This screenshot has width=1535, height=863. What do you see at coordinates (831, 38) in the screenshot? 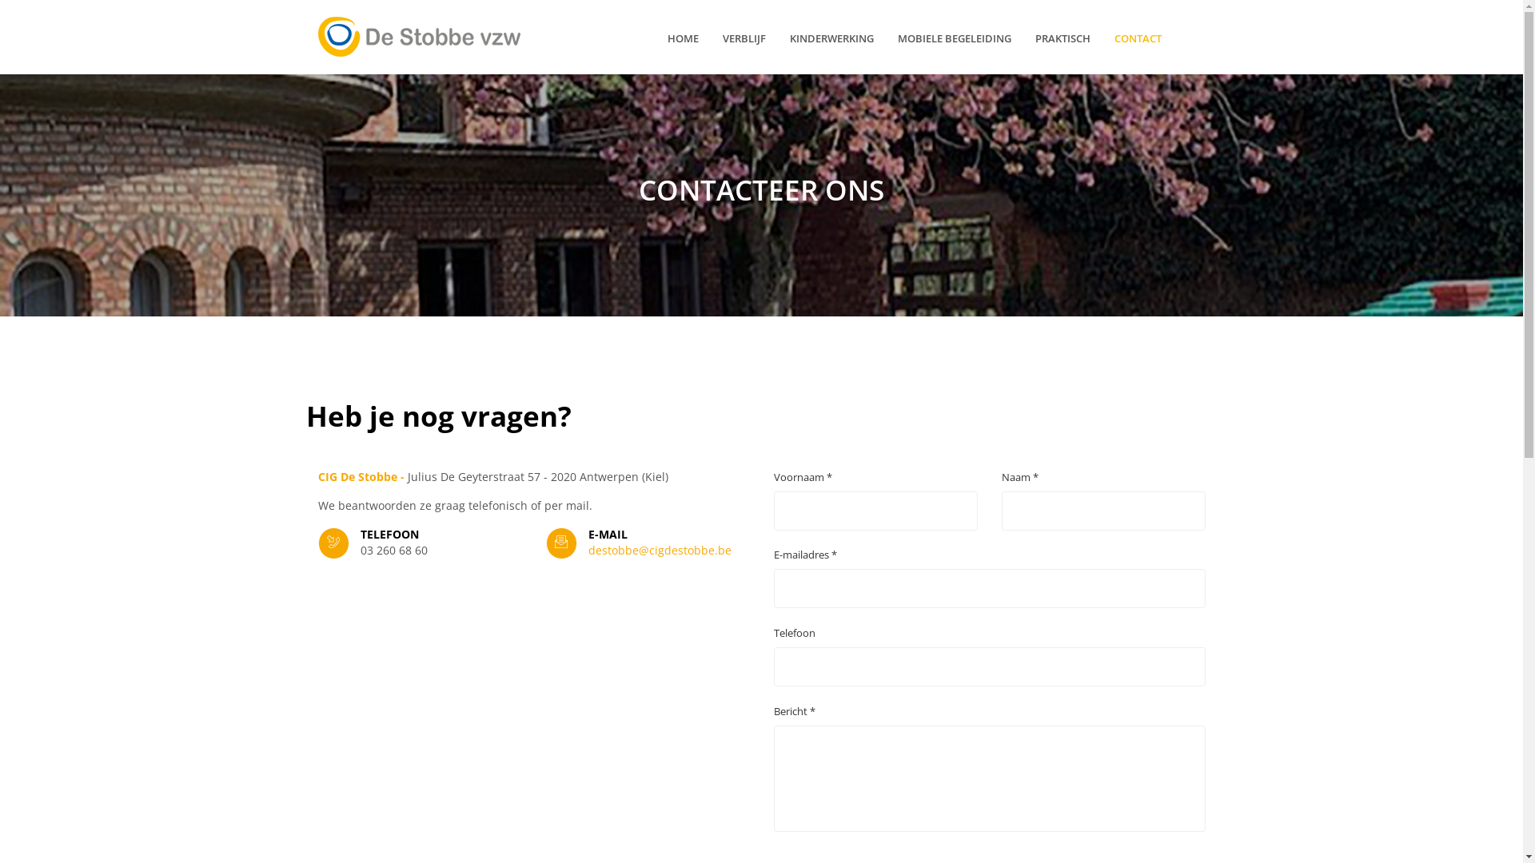
I see `'KINDERWERKING'` at bounding box center [831, 38].